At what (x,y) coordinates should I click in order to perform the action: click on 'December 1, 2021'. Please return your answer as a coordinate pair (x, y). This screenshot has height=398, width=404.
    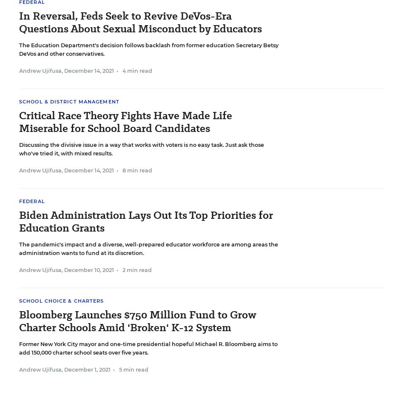
    Looking at the image, I should click on (87, 369).